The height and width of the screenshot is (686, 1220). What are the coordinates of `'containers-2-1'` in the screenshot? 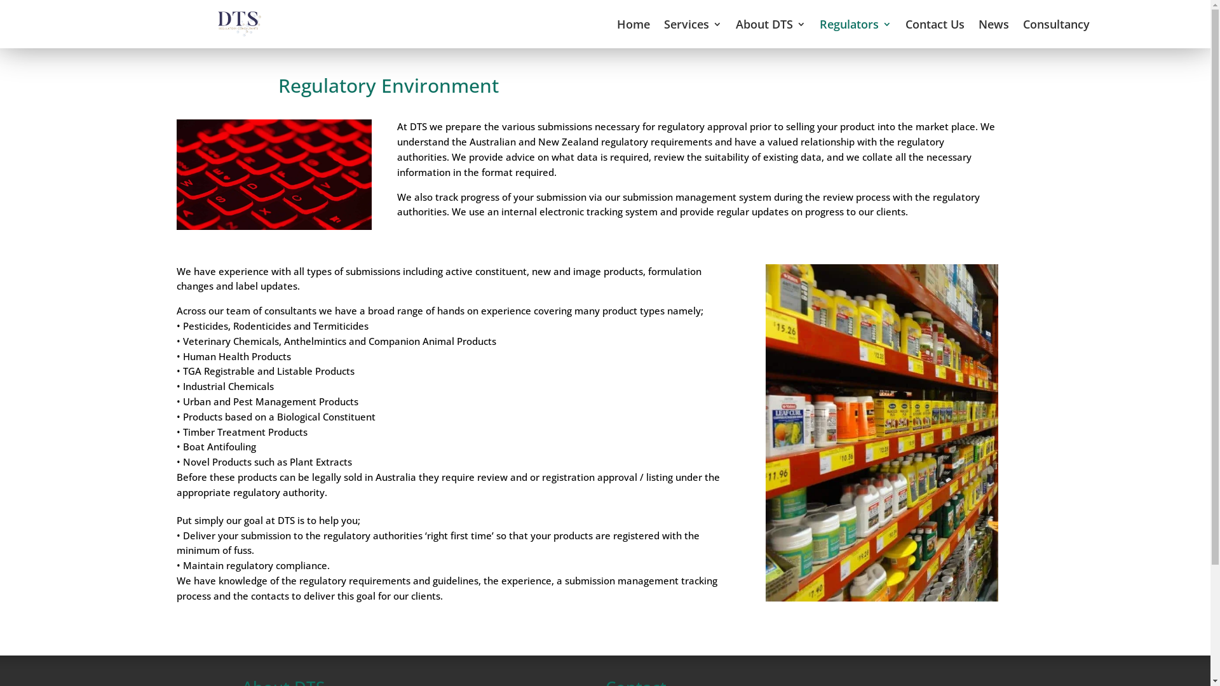 It's located at (881, 433).